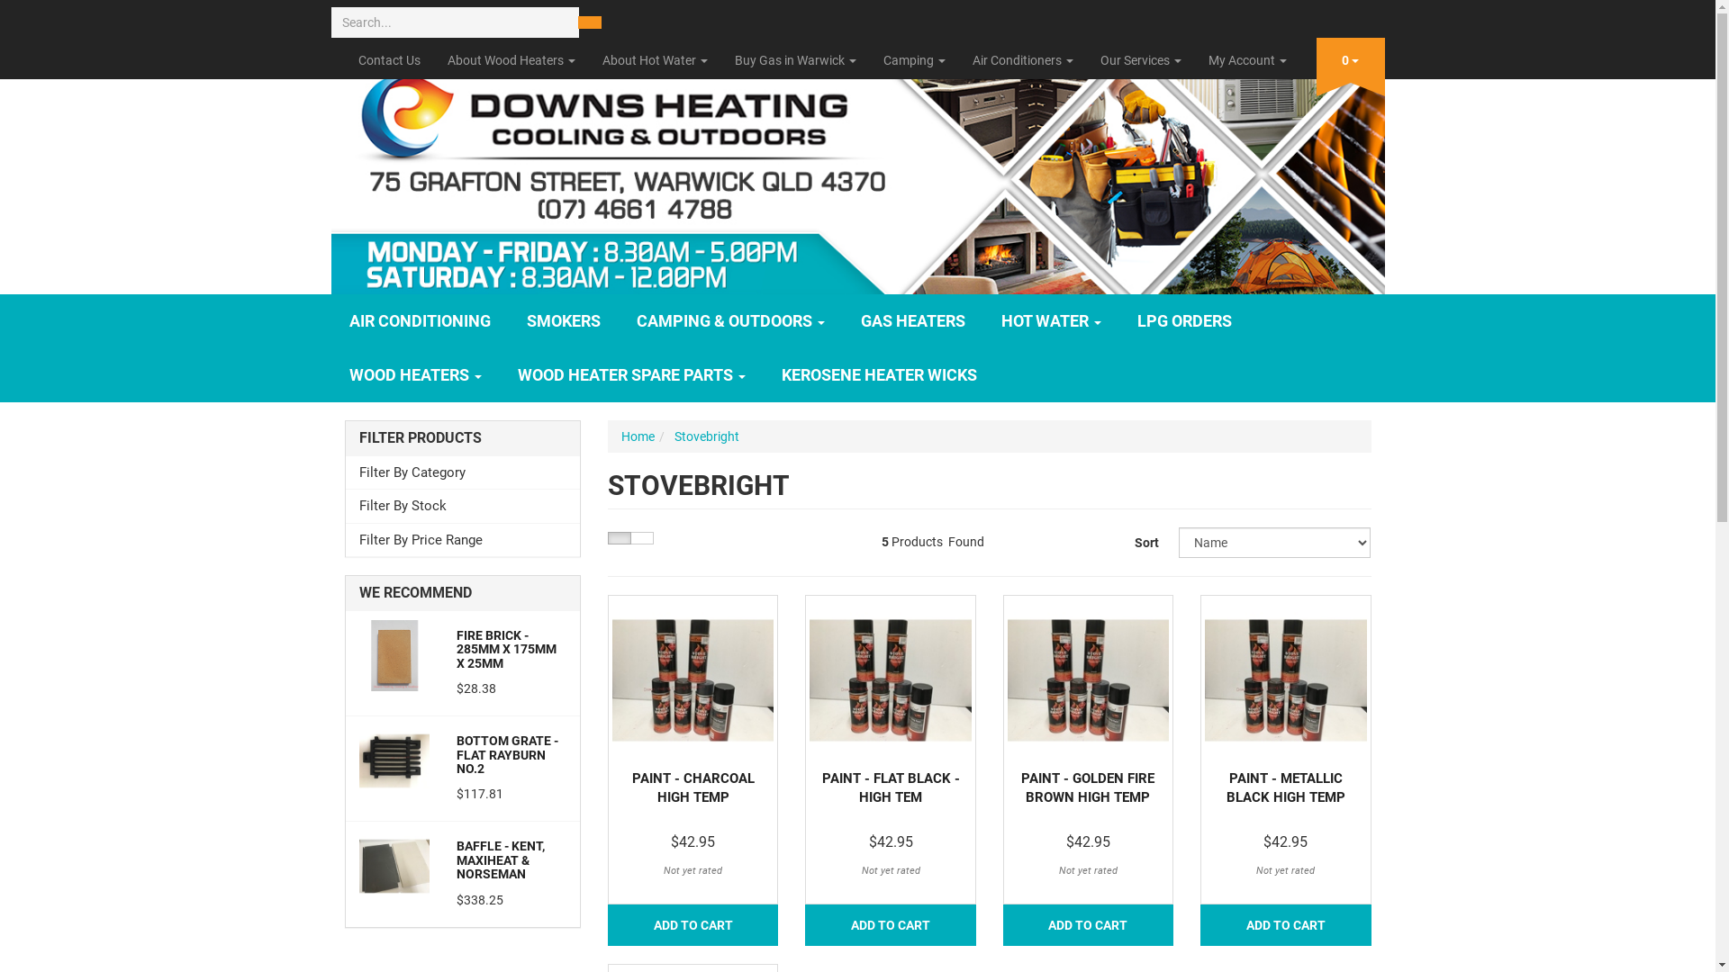  What do you see at coordinates (630, 373) in the screenshot?
I see `'WOOD HEATER SPARE PARTS'` at bounding box center [630, 373].